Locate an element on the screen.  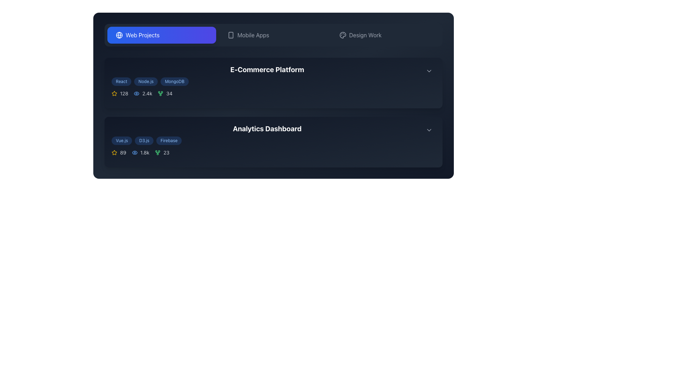
the small circular button with a dark background and a white chevron-down icon located on the right of the Analytics Dashboard section is located at coordinates (429, 130).